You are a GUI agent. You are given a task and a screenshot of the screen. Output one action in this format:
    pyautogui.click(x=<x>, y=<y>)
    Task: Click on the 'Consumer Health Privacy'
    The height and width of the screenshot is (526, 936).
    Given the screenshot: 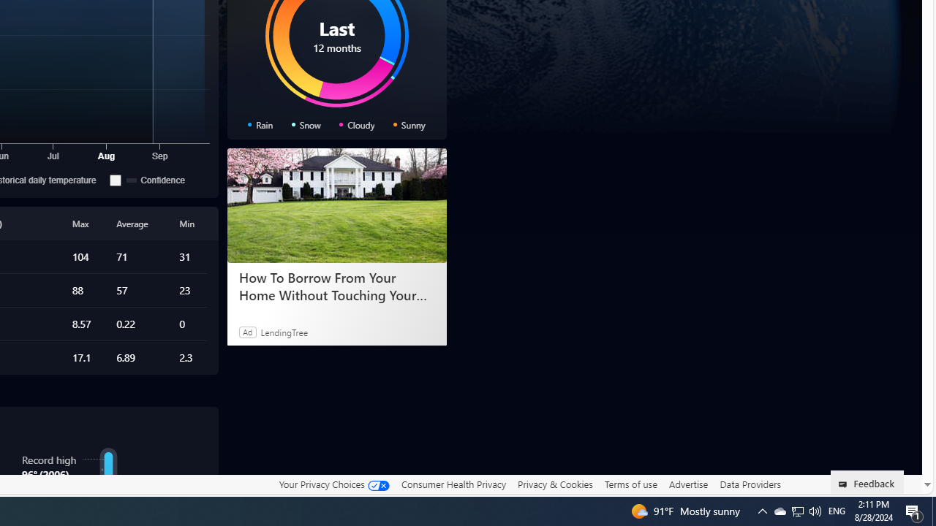 What is the action you would take?
    pyautogui.click(x=453, y=484)
    